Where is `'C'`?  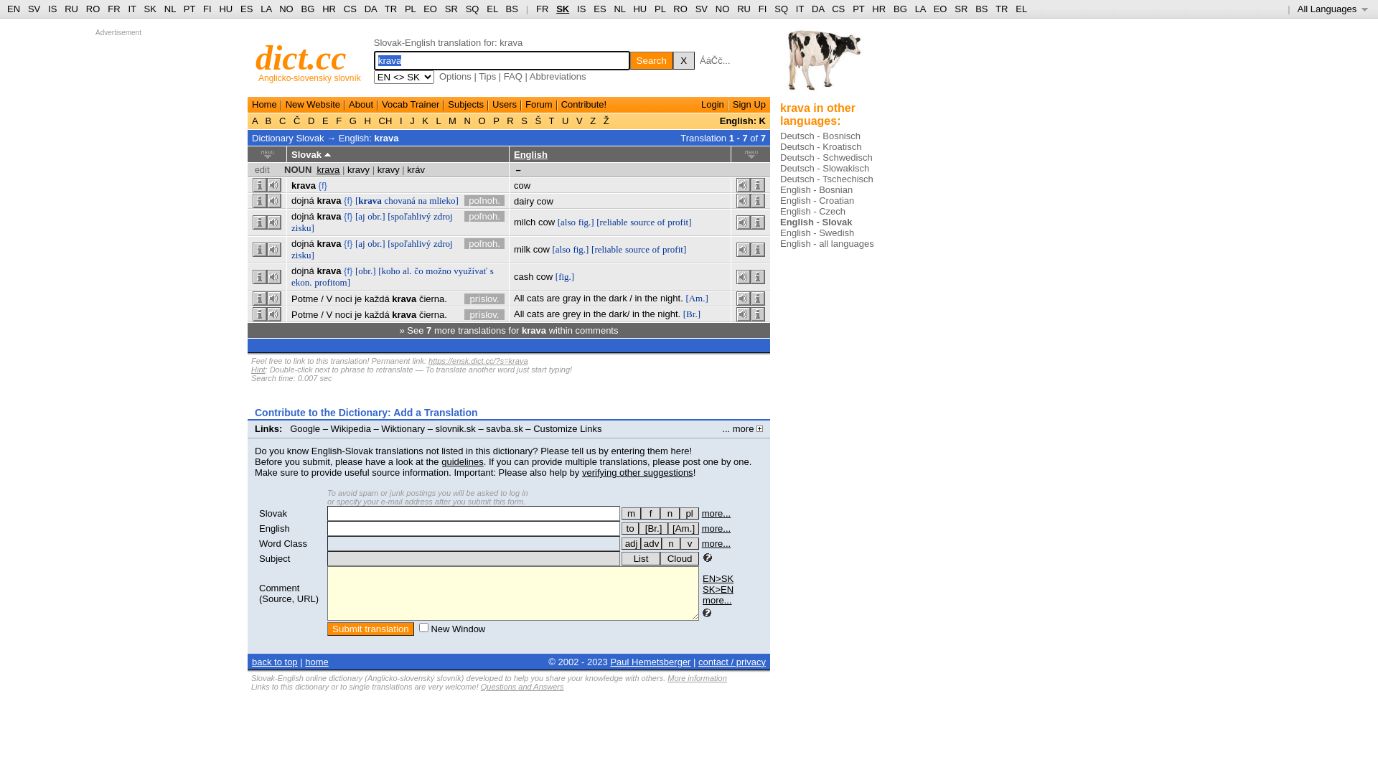 'C' is located at coordinates (282, 120).